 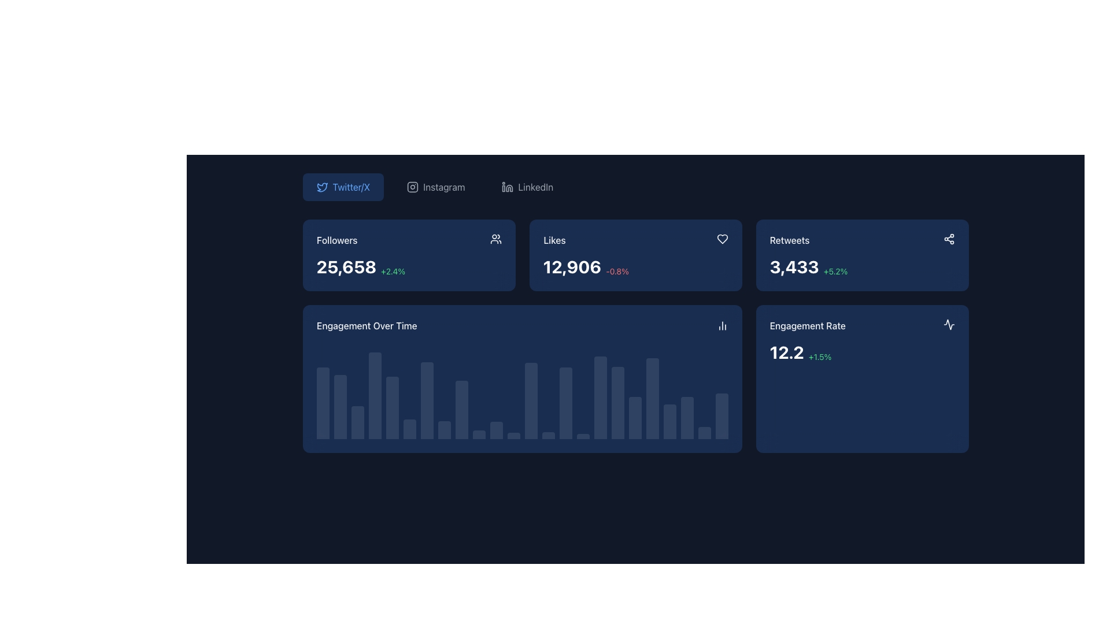 I want to click on the first interactive button in the horizontal row of options located at the top left, so click(x=342, y=187).